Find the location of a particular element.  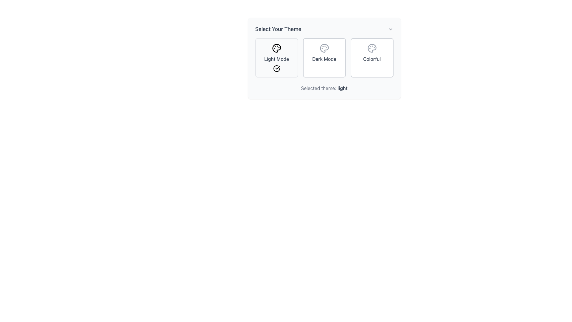

the theme selection modal, which is a dropdown menu allowing users to choose between Light, Dark, or Colorful display modes, located in the upper section of the interface is located at coordinates (324, 58).